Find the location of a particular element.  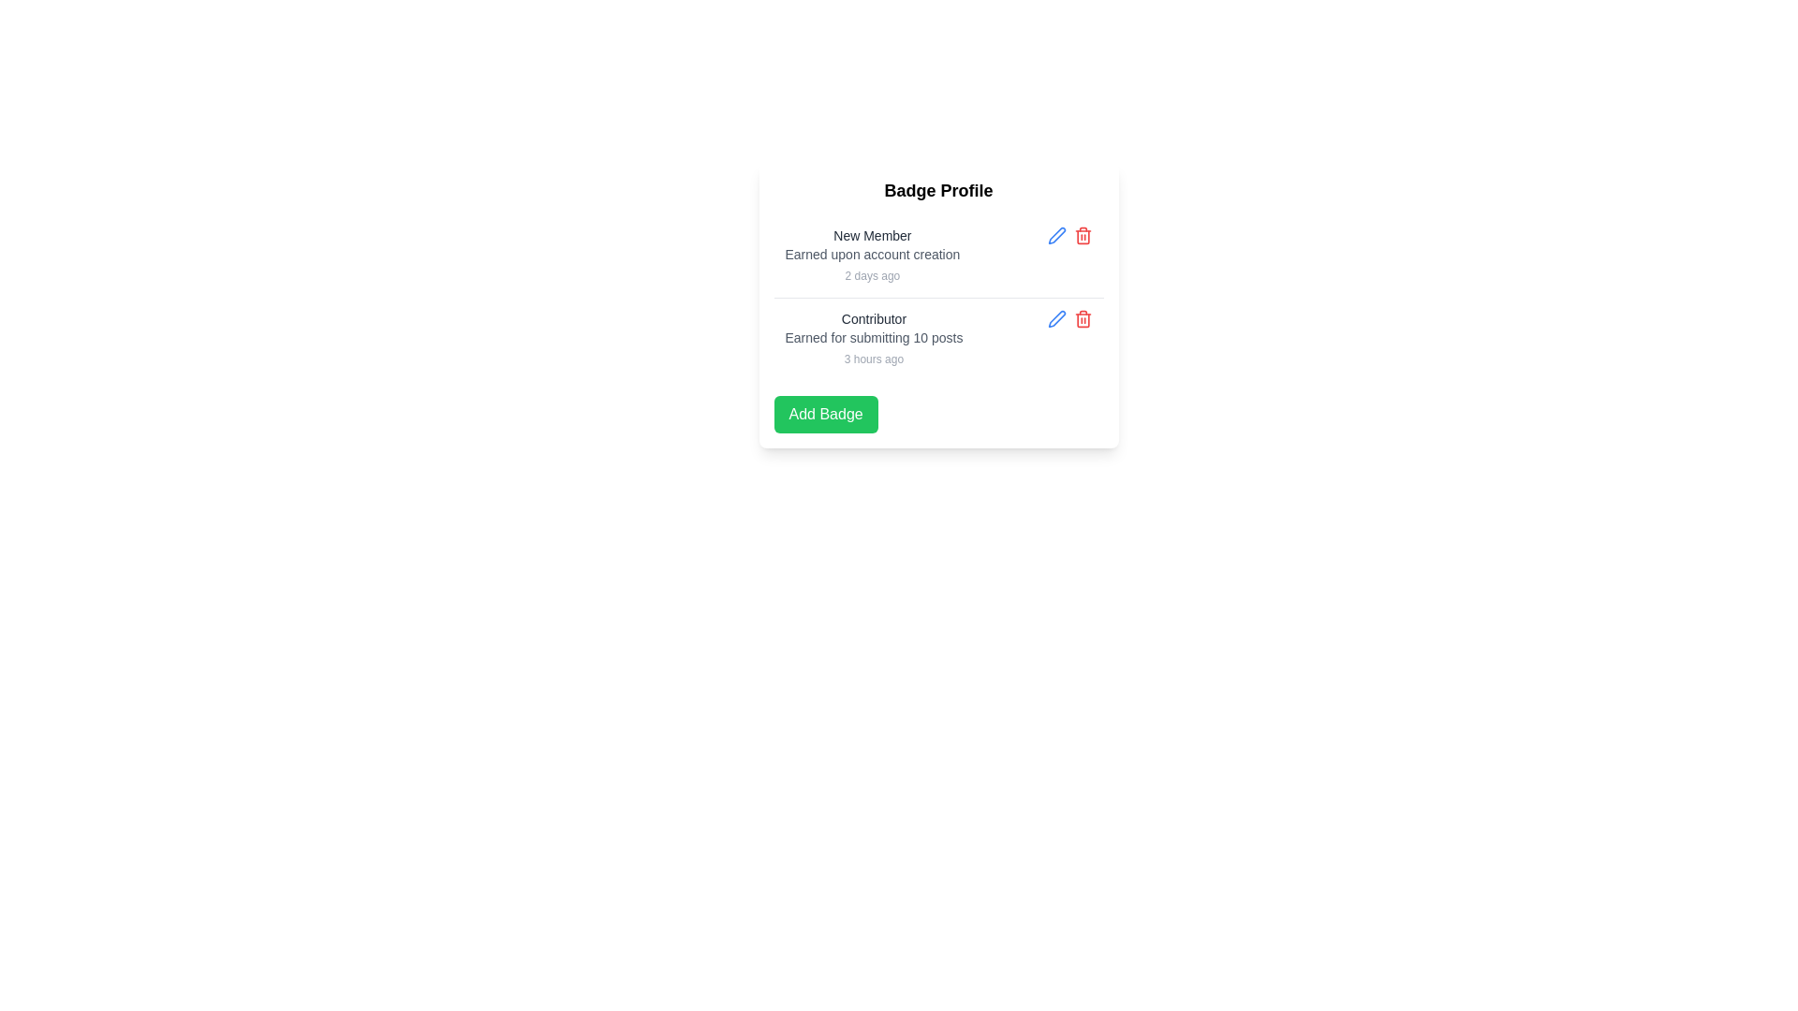

the 'Add Badge' button located at the bottom of the 'Badge Profile' section, centered below 'New Member' and 'Contributor' is located at coordinates (825, 414).